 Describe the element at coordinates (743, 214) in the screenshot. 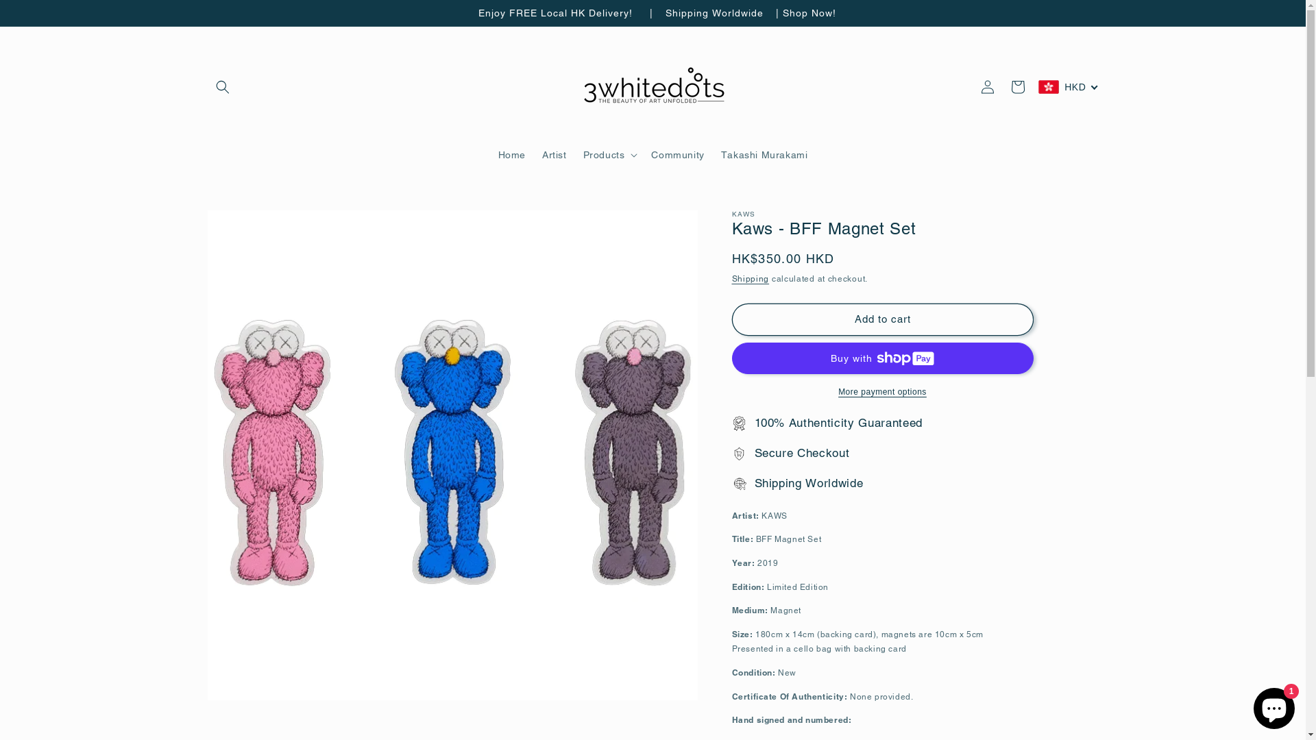

I see `'KAWS'` at that location.